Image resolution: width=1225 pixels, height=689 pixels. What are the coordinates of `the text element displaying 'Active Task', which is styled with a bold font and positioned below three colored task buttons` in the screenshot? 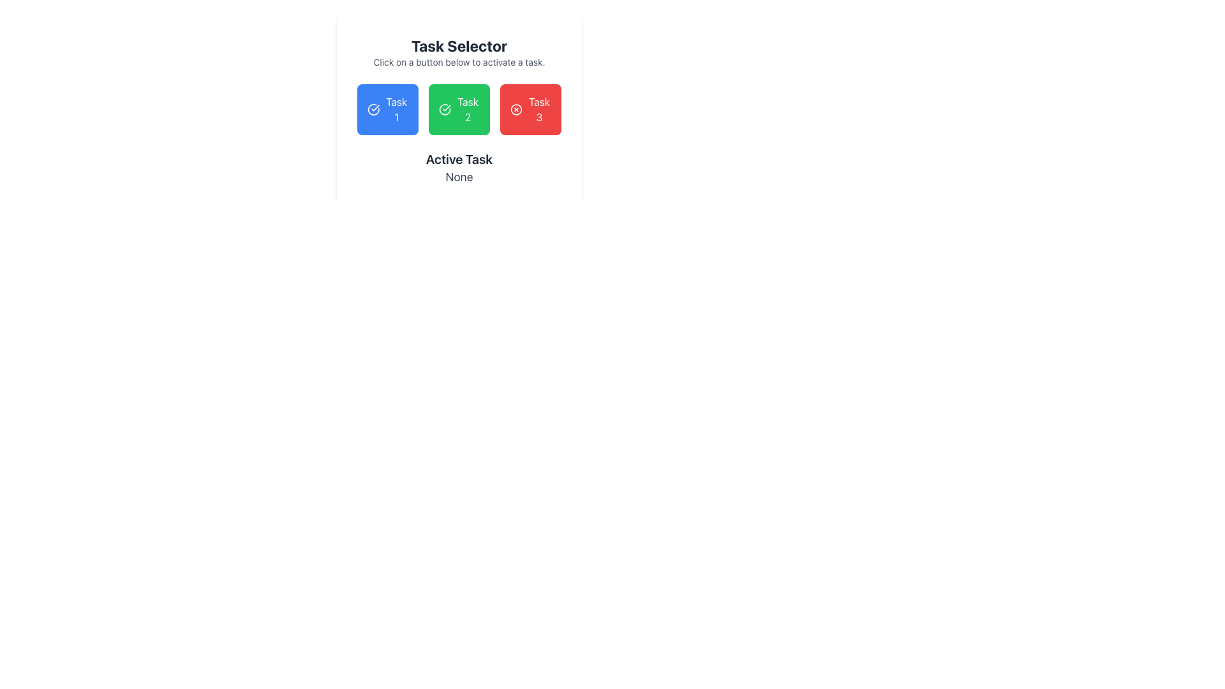 It's located at (459, 159).